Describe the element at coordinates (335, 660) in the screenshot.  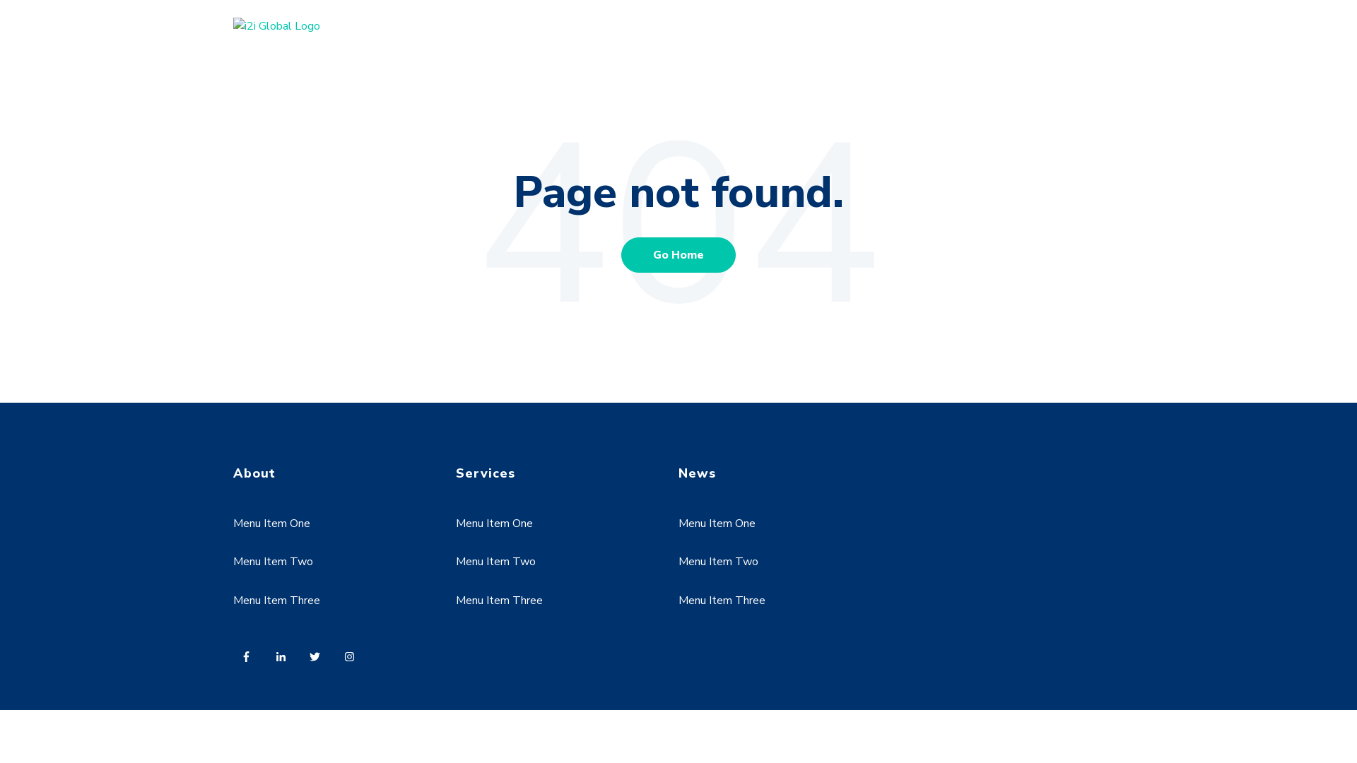
I see `'Follow us on Instagram'` at that location.